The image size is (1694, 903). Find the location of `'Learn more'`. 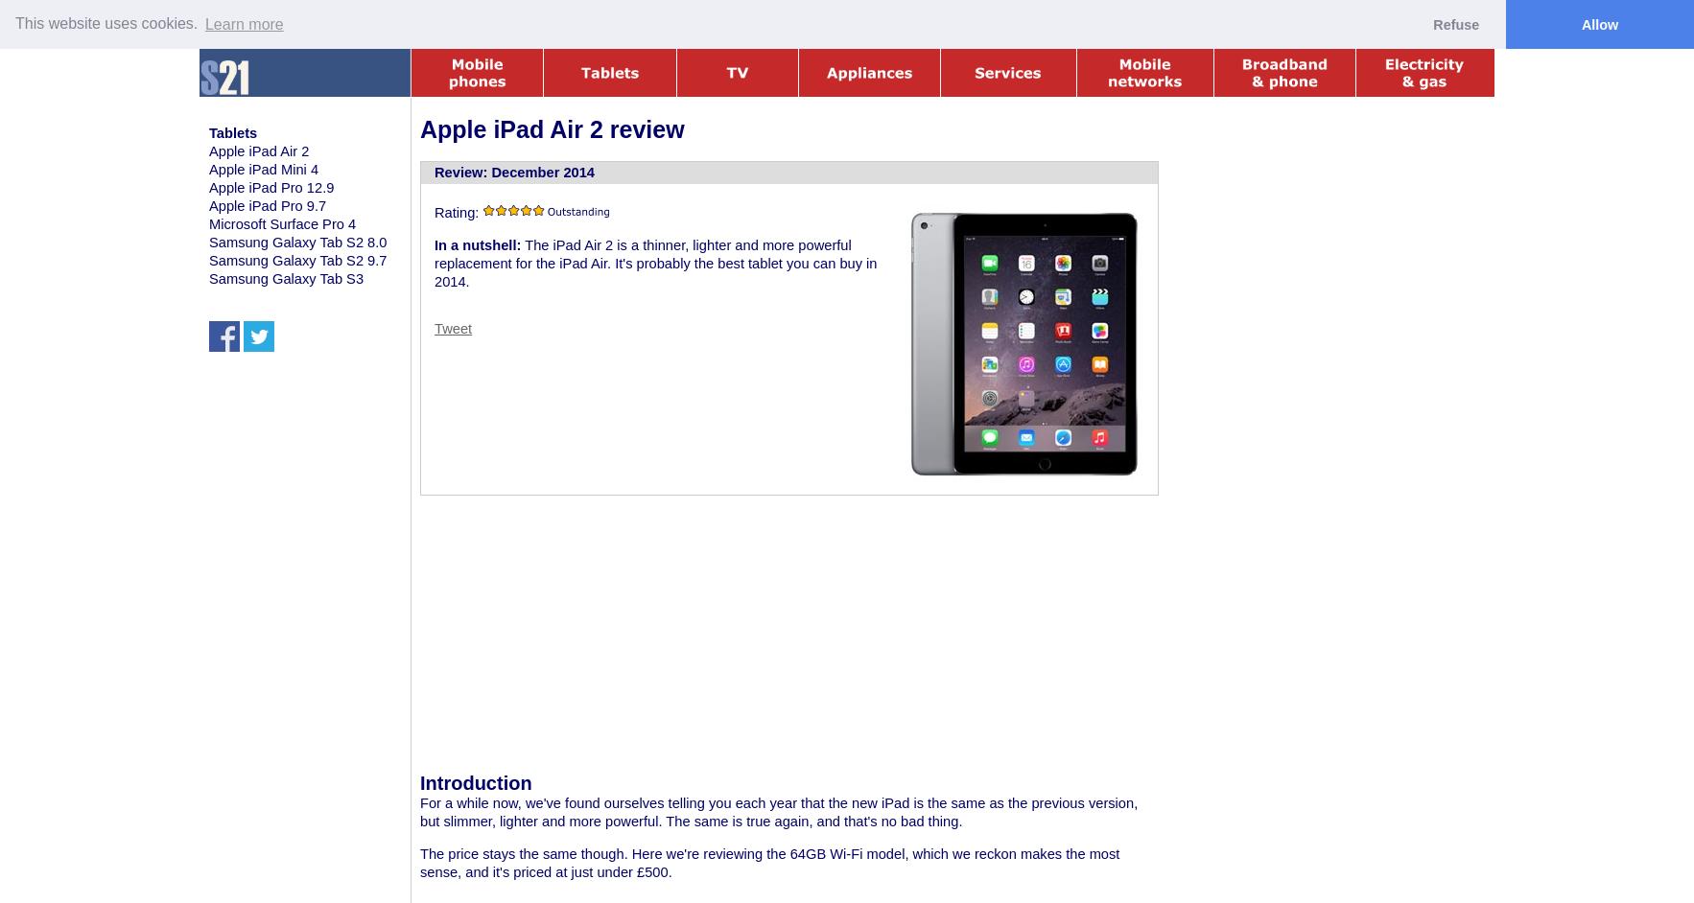

'Learn more' is located at coordinates (242, 23).